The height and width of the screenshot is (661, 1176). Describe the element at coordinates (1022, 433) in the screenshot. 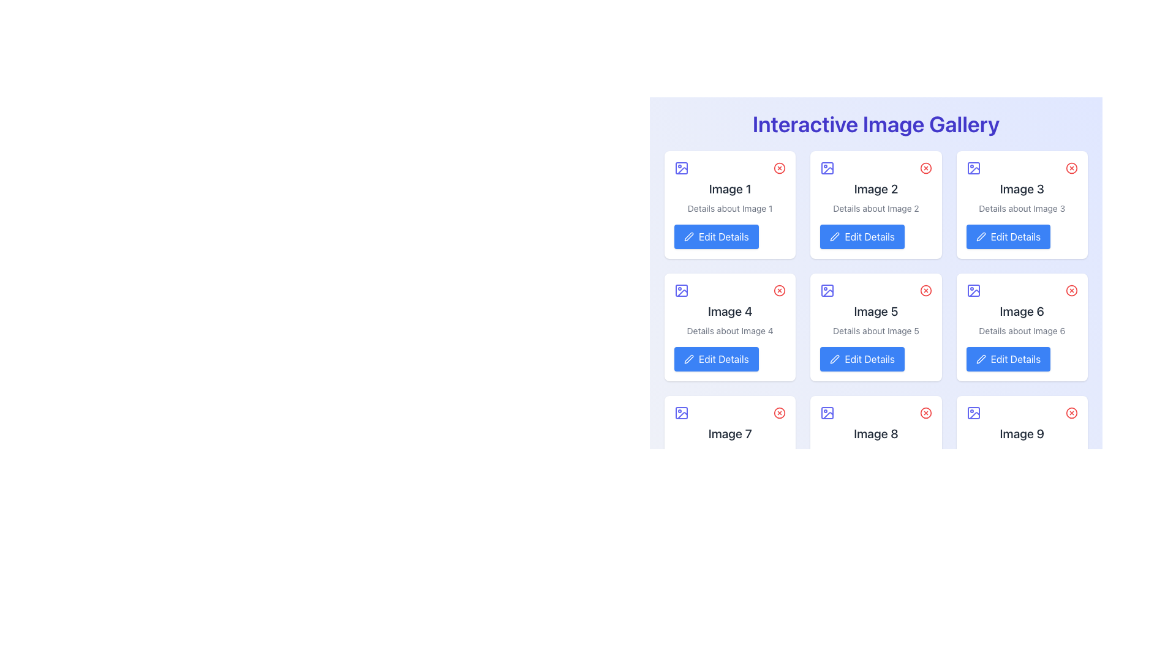

I see `the 'Image 9' text label, which is a large and bold text element located in the ninth card of the 'Interactive Image Gallery'` at that location.